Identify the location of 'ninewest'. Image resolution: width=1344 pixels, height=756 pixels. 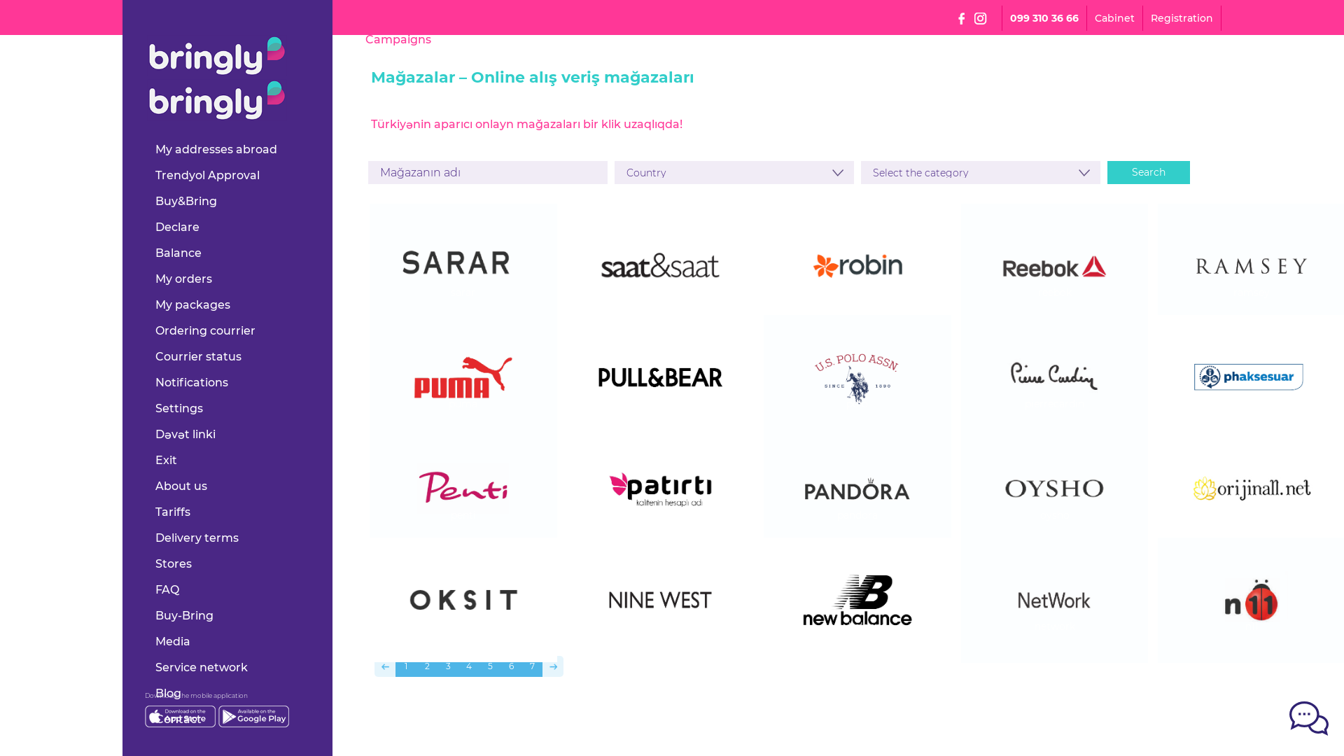
(660, 625).